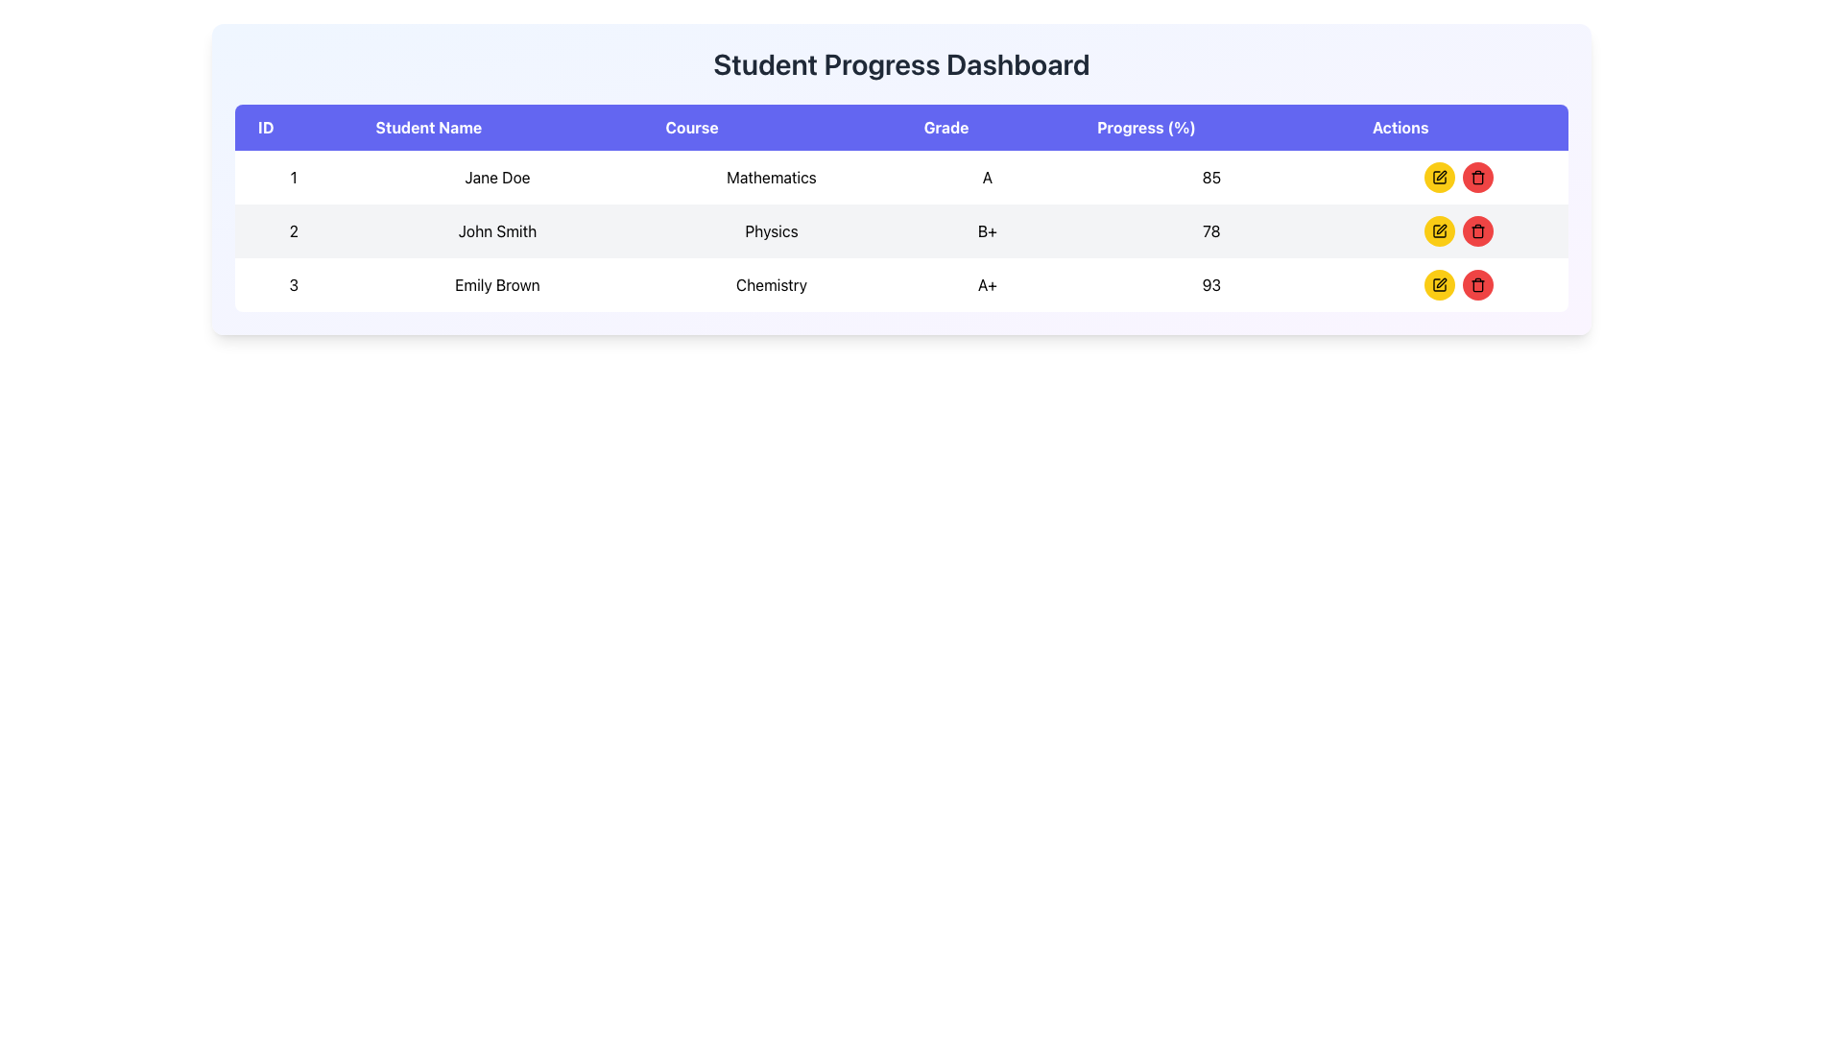 This screenshot has width=1843, height=1037. Describe the element at coordinates (1441, 175) in the screenshot. I see `the edit icon located in the 'Actions' column of the third row of the data table to modify the associated data` at that location.